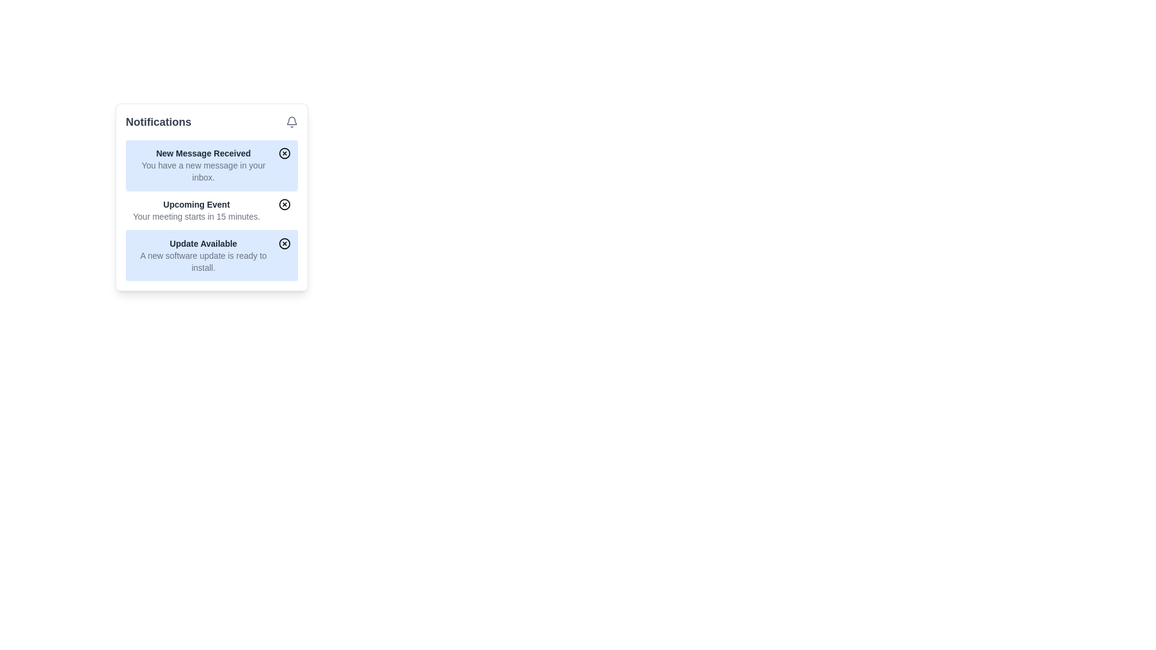  I want to click on the Text label indicating an available update, located at the bottom-most notification in the notification panel, so click(203, 244).